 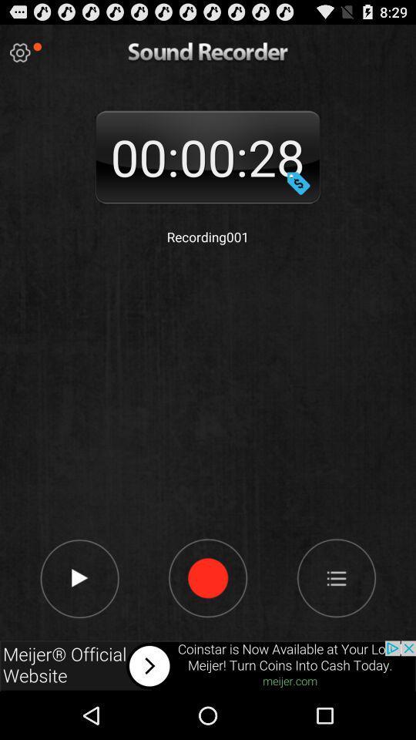 I want to click on start recorder, so click(x=207, y=577).